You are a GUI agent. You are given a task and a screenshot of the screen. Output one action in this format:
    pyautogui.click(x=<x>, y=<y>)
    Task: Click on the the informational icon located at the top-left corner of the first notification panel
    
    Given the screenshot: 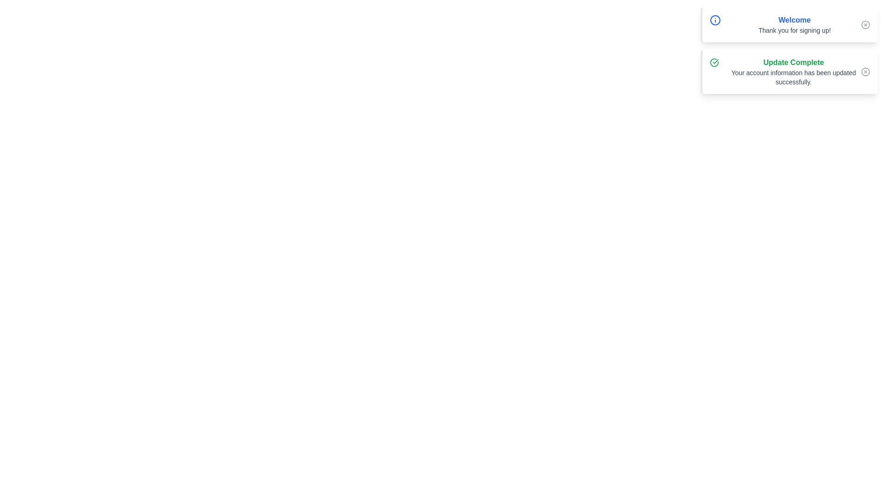 What is the action you would take?
    pyautogui.click(x=714, y=20)
    